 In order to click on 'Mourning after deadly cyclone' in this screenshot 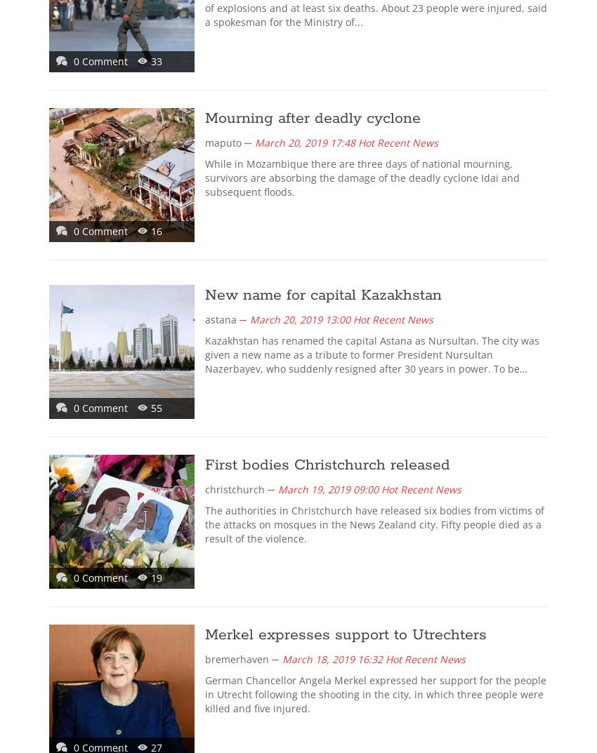, I will do `click(204, 117)`.